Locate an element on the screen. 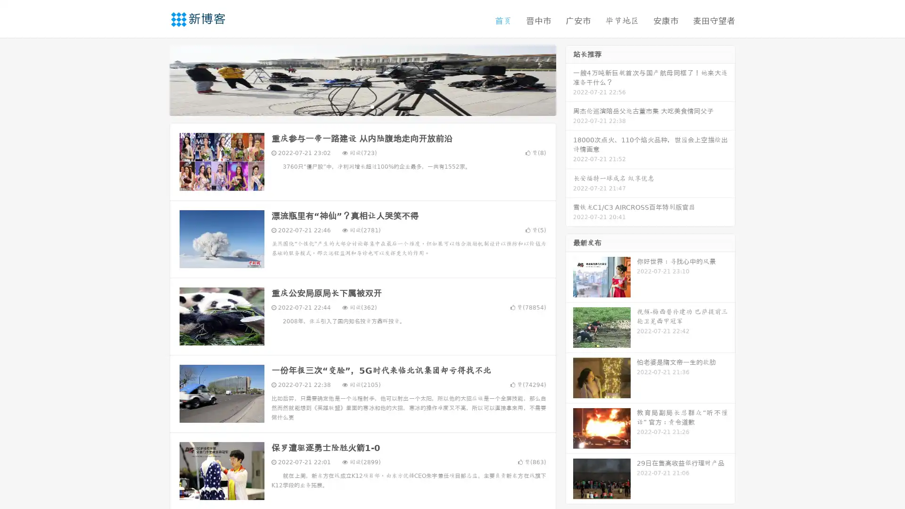 The height and width of the screenshot is (509, 905). Go to slide 2 is located at coordinates (362, 106).